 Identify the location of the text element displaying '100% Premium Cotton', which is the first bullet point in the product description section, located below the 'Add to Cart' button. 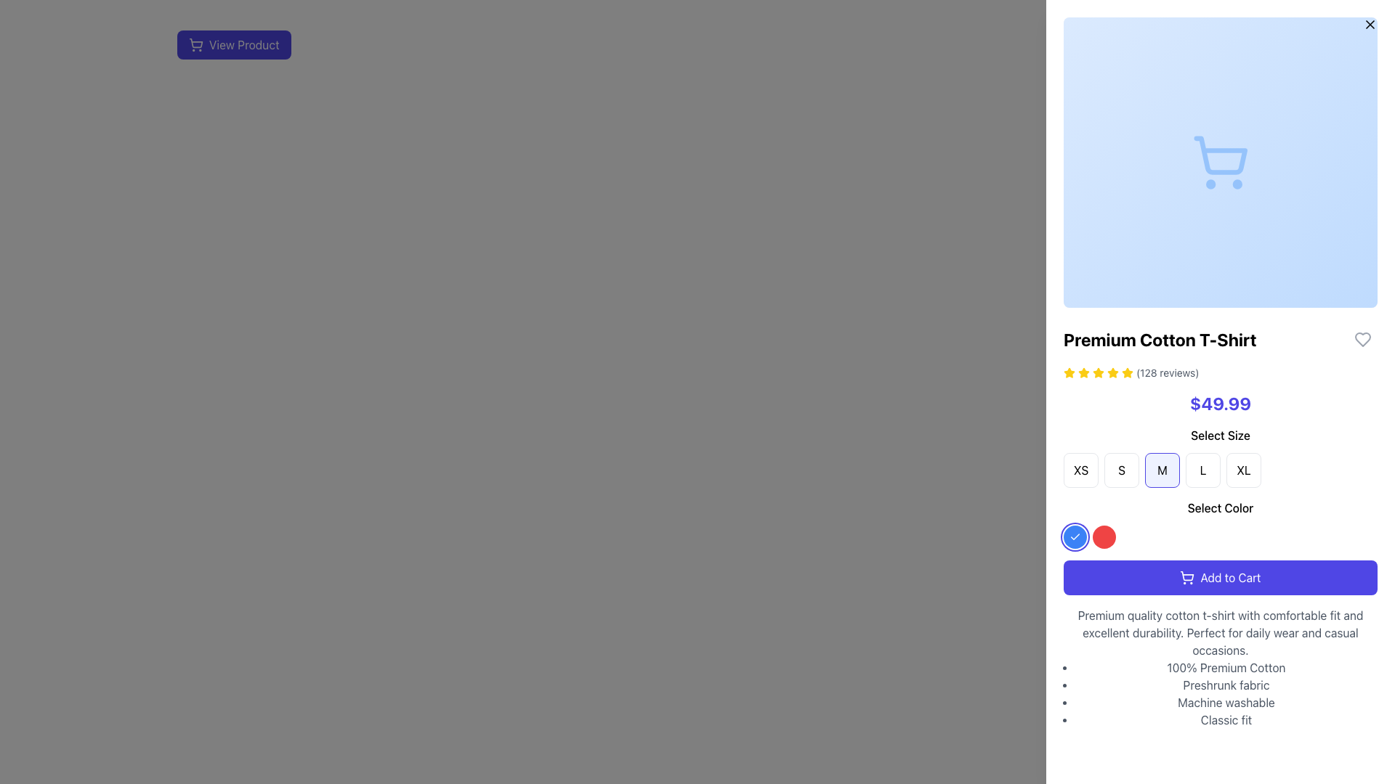
(1226, 668).